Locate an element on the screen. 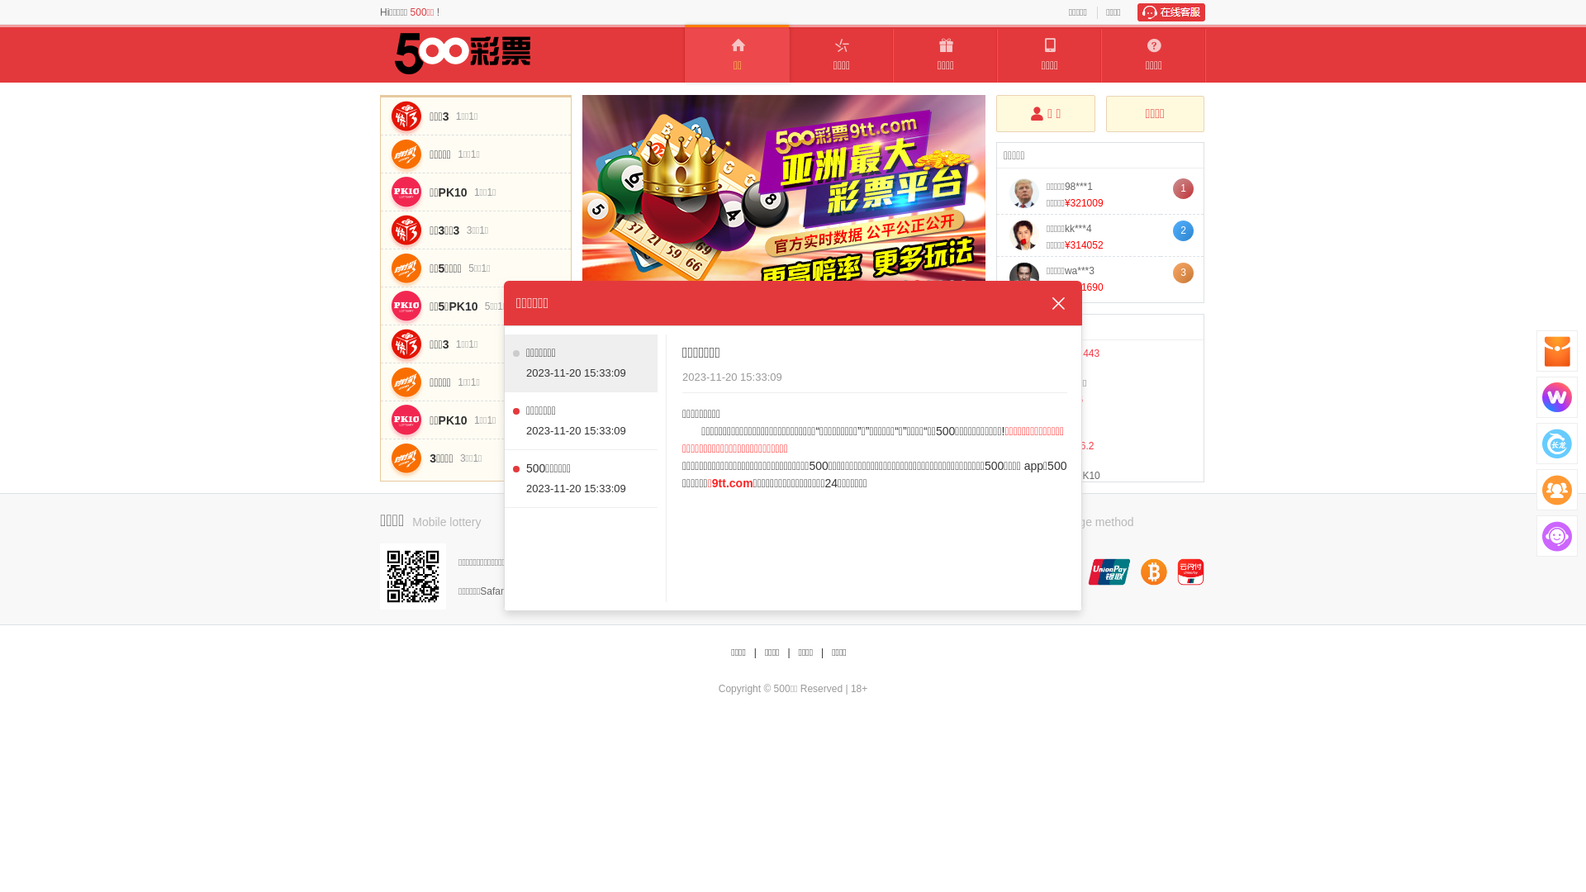  '|' is located at coordinates (787, 652).